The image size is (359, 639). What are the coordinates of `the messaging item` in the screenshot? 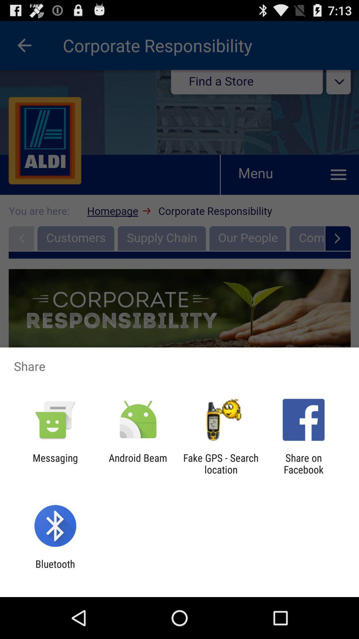 It's located at (55, 463).